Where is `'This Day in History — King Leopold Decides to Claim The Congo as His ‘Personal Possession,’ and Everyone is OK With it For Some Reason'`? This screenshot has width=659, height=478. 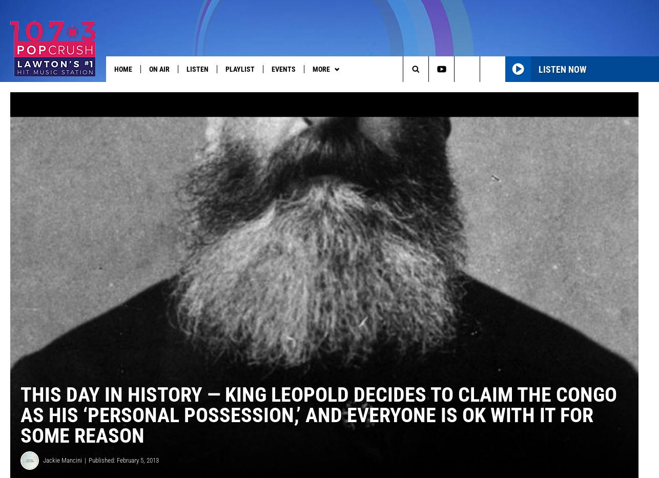
'This Day in History — King Leopold Decides to Claim The Congo as His ‘Personal Possession,’ and Everyone is OK With it For Some Reason' is located at coordinates (318, 431).